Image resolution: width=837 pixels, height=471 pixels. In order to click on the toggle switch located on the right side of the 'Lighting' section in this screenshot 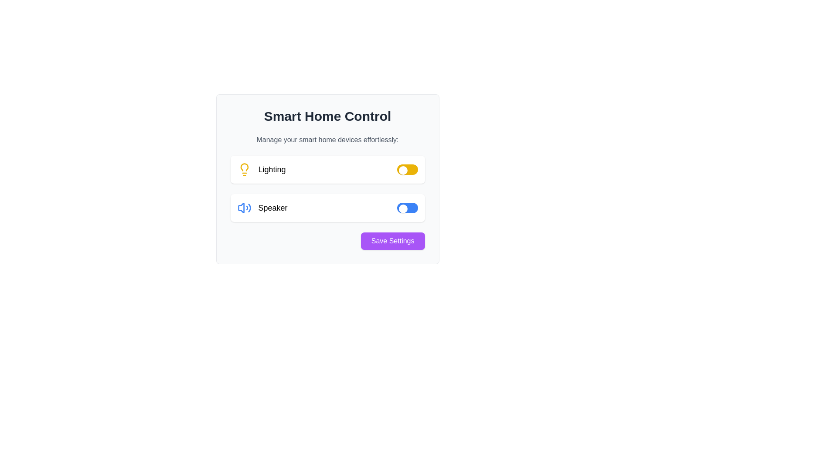, I will do `click(407, 170)`.